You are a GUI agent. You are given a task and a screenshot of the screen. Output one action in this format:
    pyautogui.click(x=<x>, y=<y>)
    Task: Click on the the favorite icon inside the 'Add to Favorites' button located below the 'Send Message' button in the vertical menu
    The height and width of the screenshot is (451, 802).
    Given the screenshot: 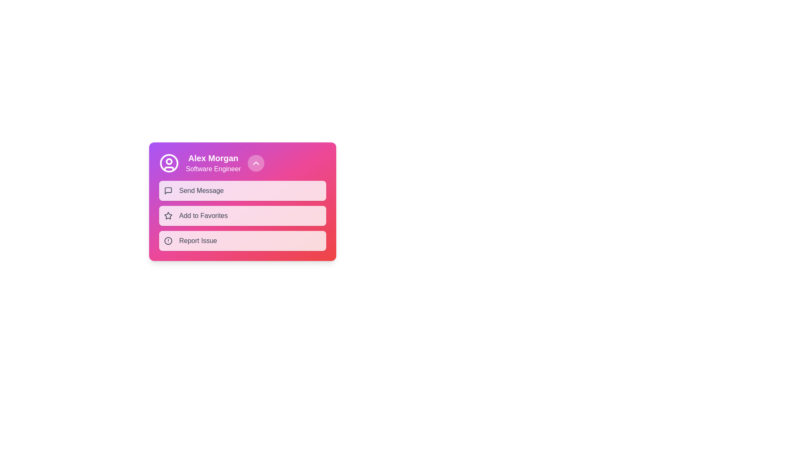 What is the action you would take?
    pyautogui.click(x=168, y=215)
    